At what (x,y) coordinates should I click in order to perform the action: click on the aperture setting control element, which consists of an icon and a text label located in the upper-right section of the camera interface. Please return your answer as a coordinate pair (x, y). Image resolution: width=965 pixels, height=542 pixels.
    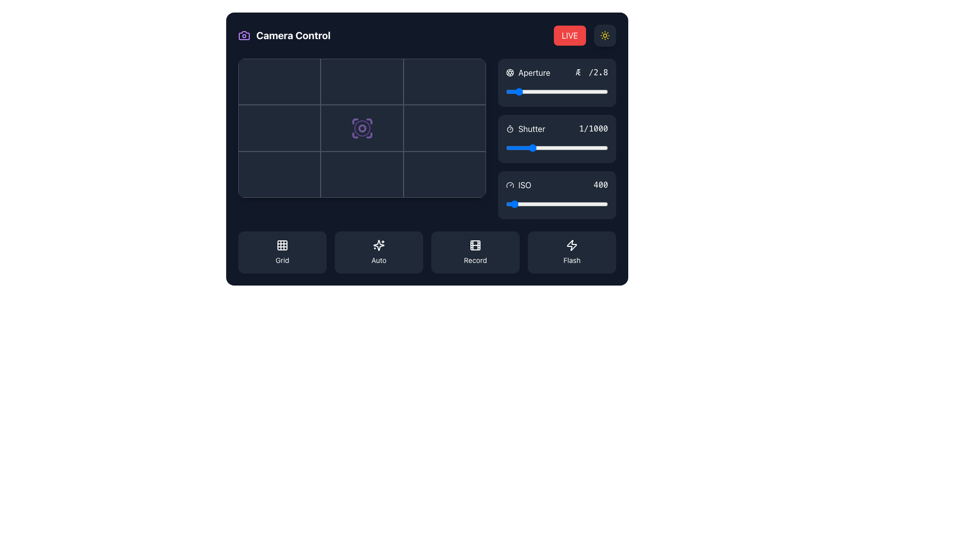
    Looking at the image, I should click on (528, 72).